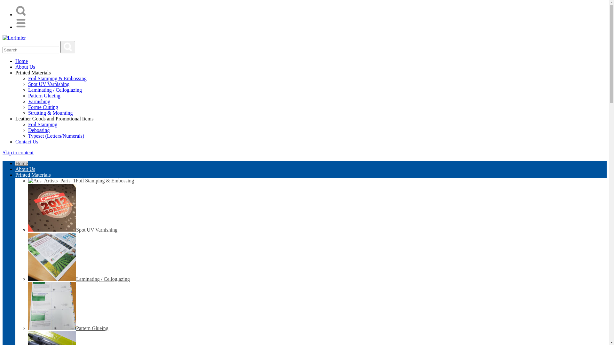 This screenshot has height=345, width=614. What do you see at coordinates (43, 107) in the screenshot?
I see `'Forme Cutting'` at bounding box center [43, 107].